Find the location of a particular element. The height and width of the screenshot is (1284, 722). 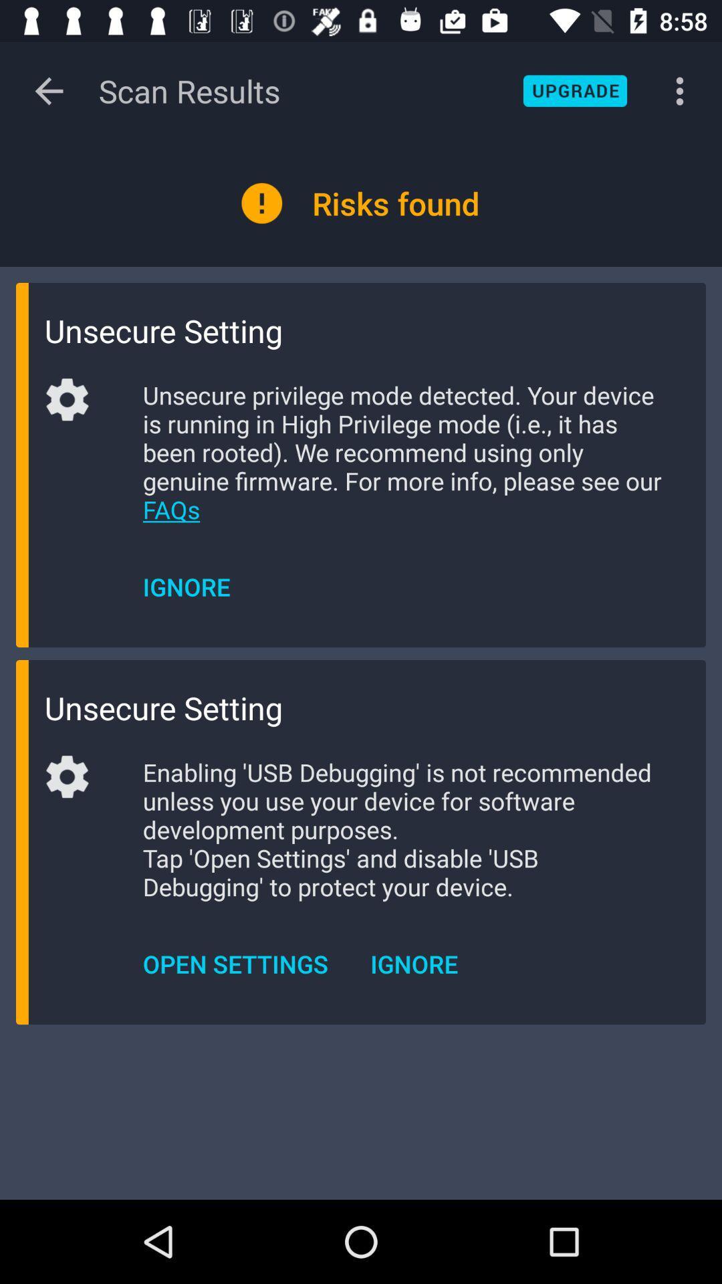

the item next to scan results item is located at coordinates (48, 90).